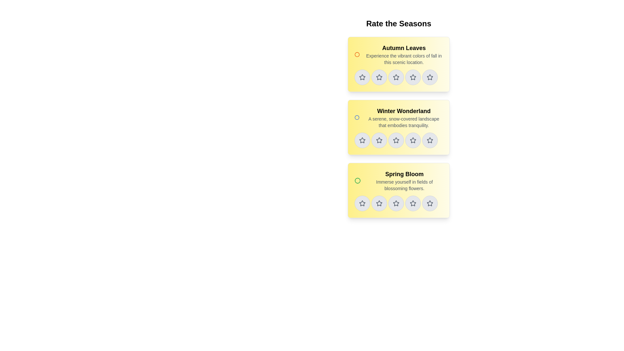 This screenshot has width=624, height=351. Describe the element at coordinates (357, 118) in the screenshot. I see `the decorative marker icon that visually indicates the 'Winter Wonderland' option in the vertical stack of seasonal descriptions` at that location.